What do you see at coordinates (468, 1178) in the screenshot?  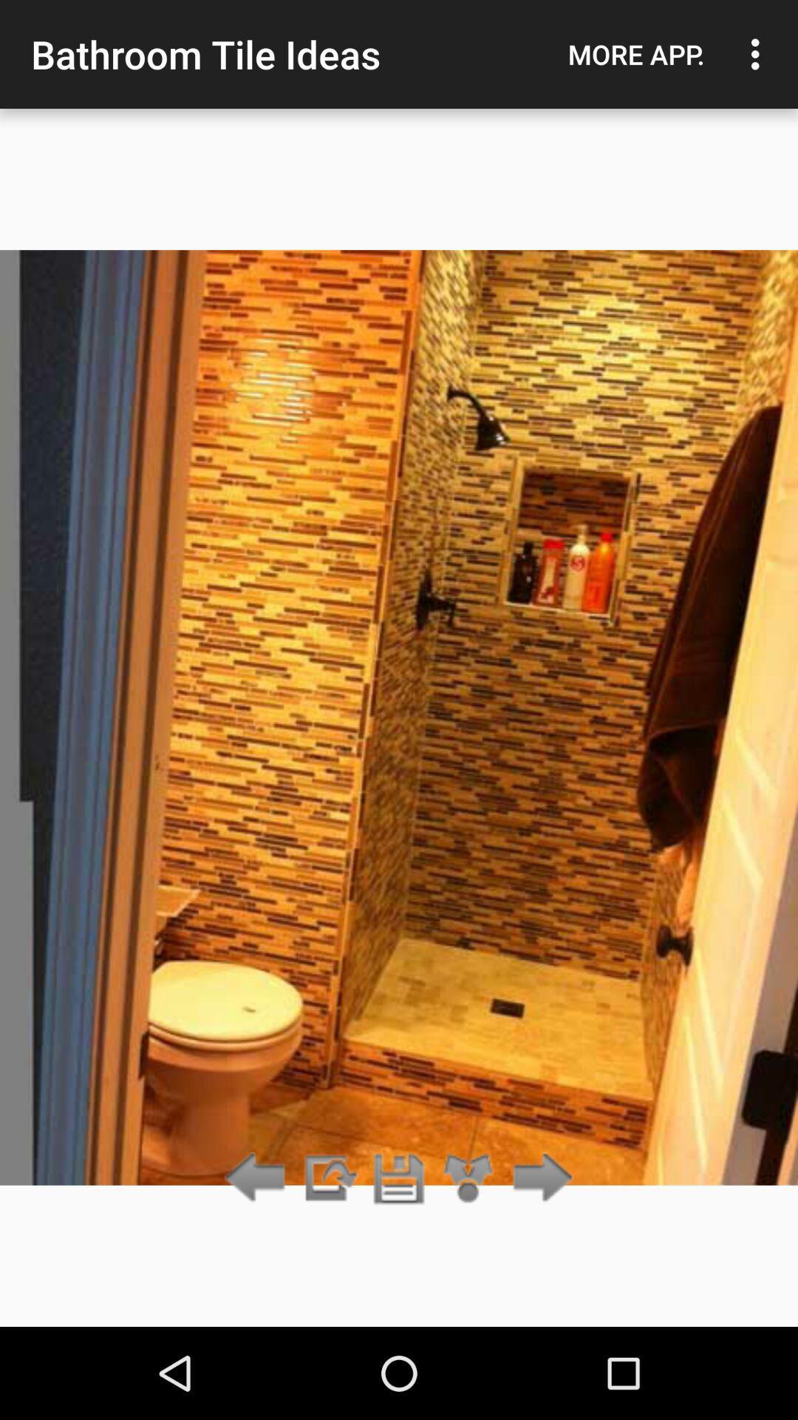 I see `the share icon` at bounding box center [468, 1178].